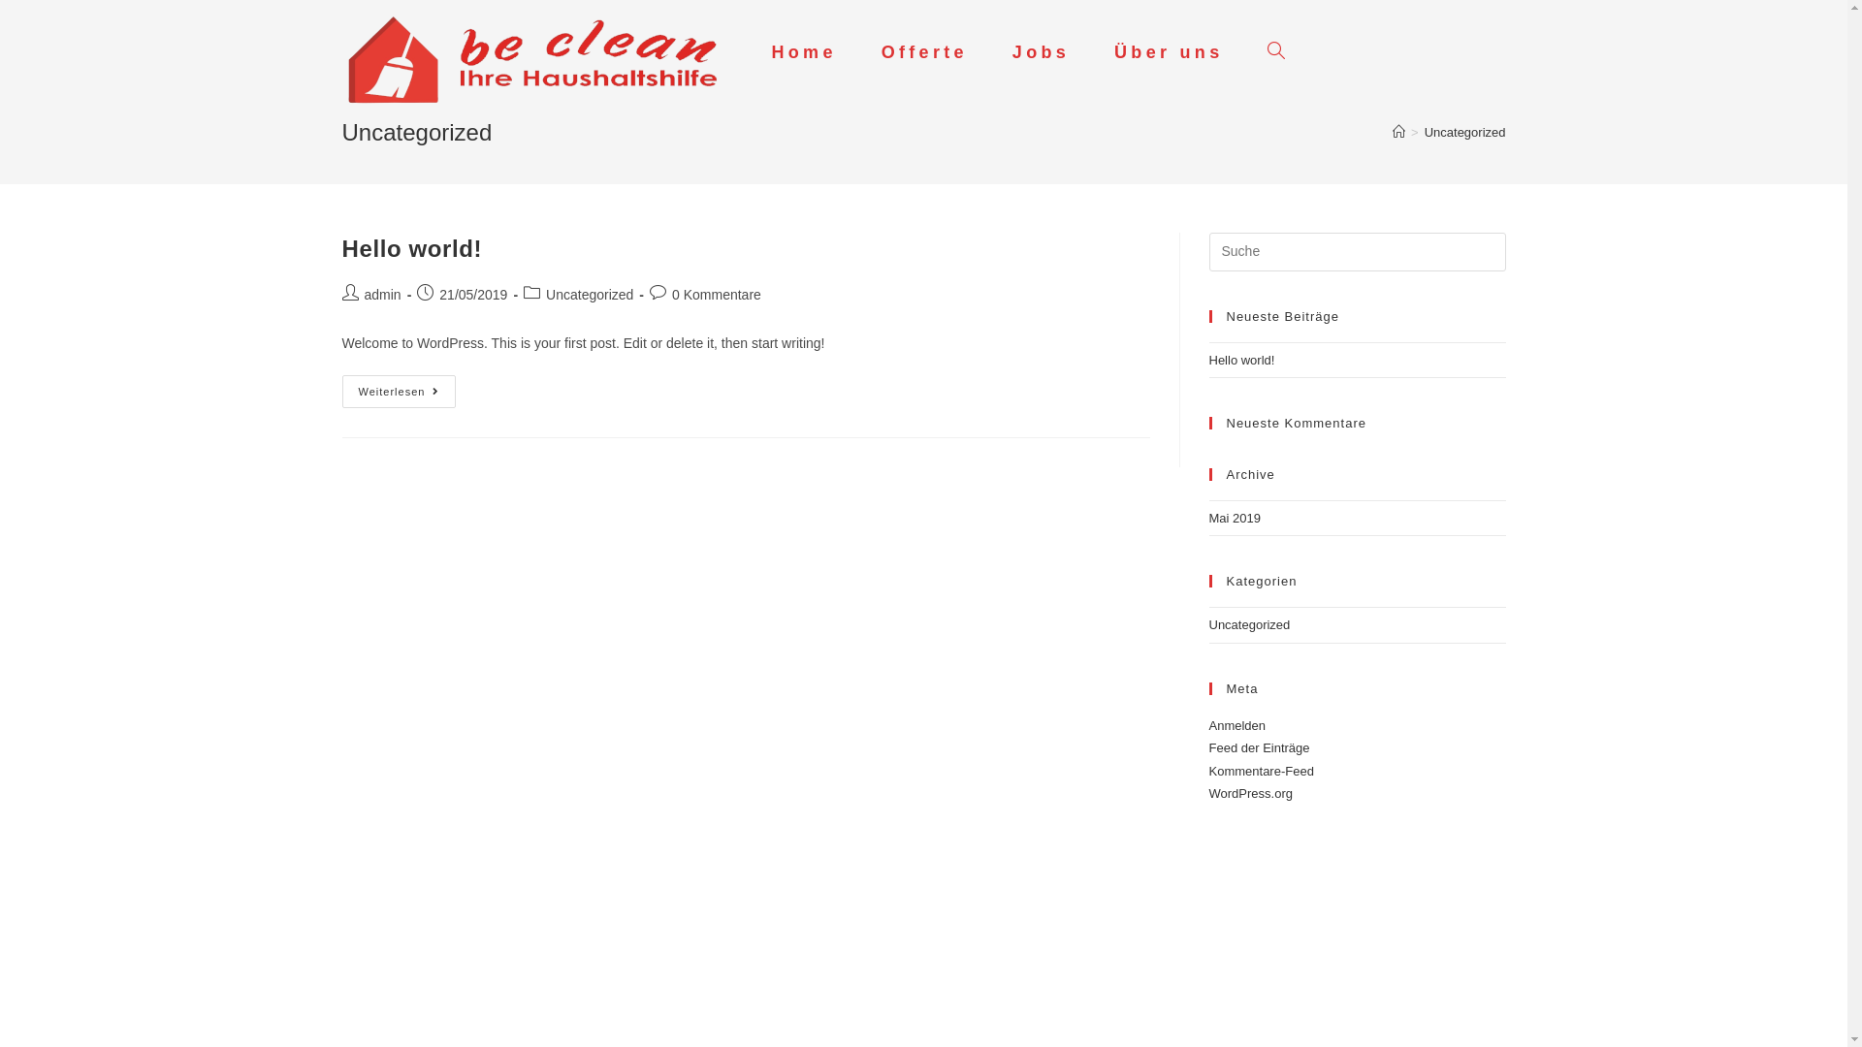 The image size is (1862, 1047). I want to click on 'Weiterlesen, so click(398, 392).